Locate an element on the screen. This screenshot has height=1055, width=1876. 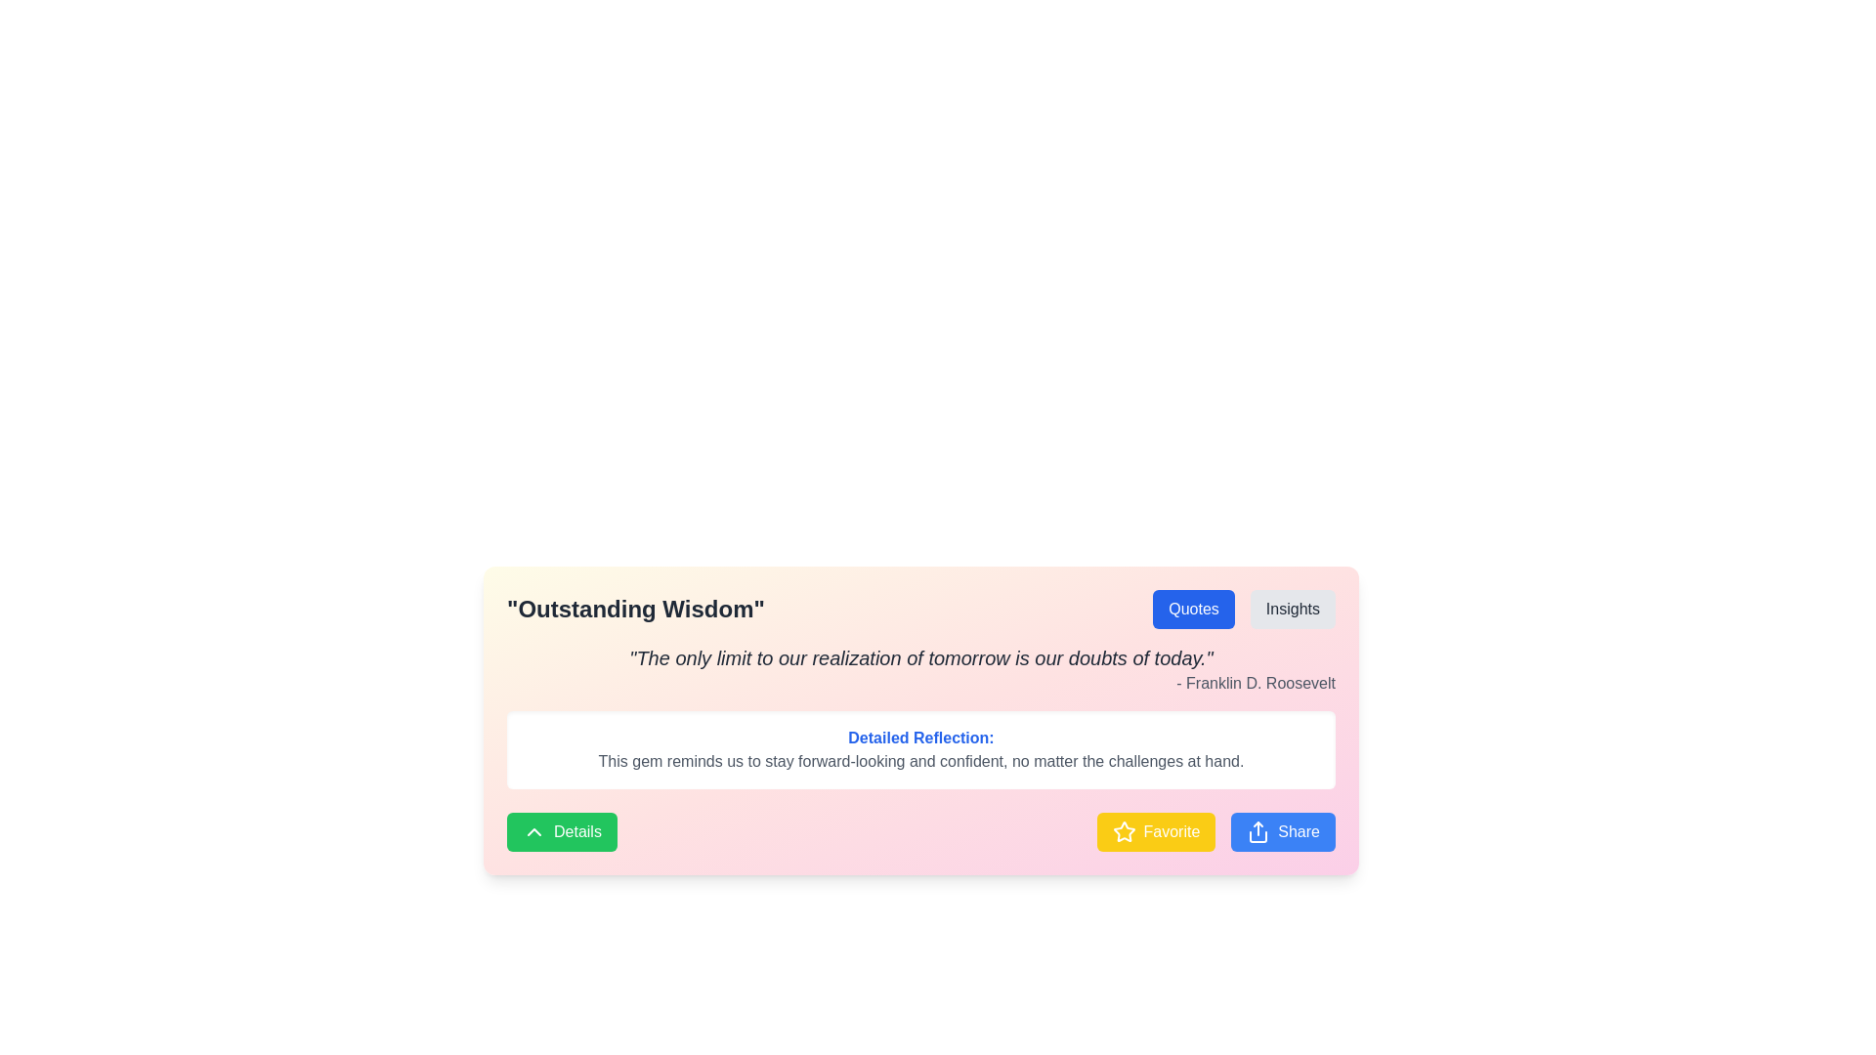
the star icon located within the 'Favorite' button to favorite an item is located at coordinates (1124, 831).